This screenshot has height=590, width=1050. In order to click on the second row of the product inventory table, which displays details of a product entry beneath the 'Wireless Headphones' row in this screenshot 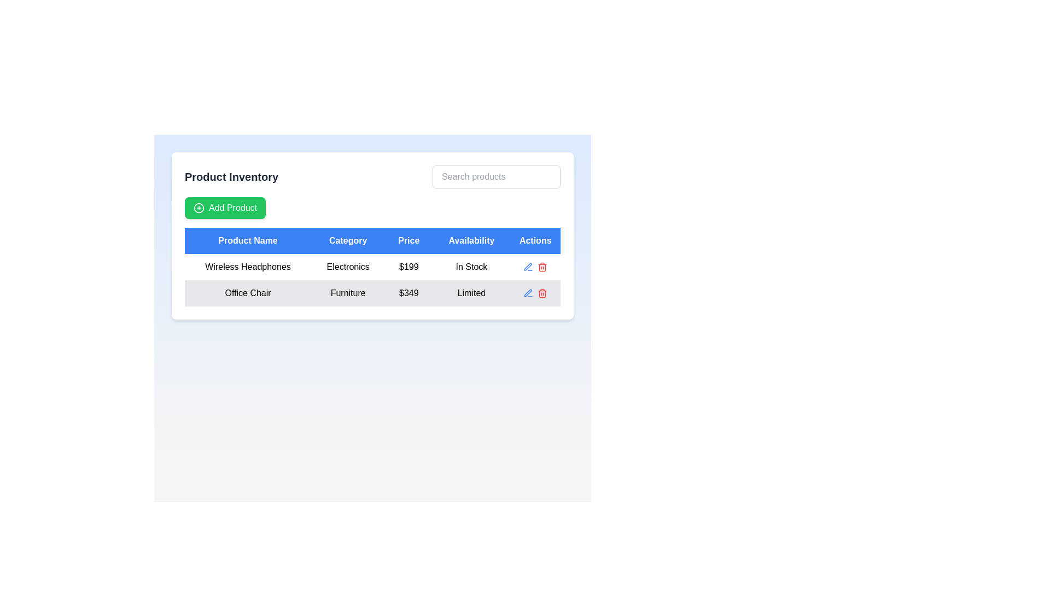, I will do `click(372, 292)`.